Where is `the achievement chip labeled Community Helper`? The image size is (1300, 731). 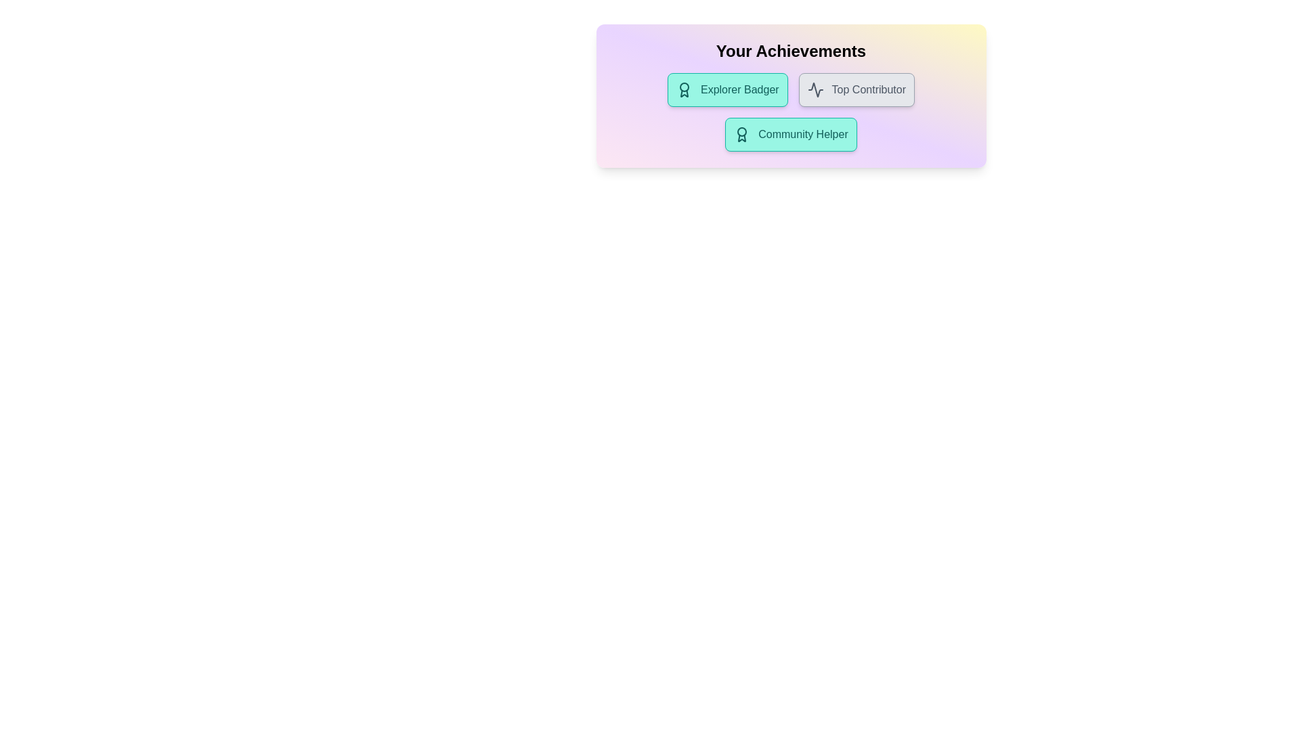
the achievement chip labeled Community Helper is located at coordinates (791, 135).